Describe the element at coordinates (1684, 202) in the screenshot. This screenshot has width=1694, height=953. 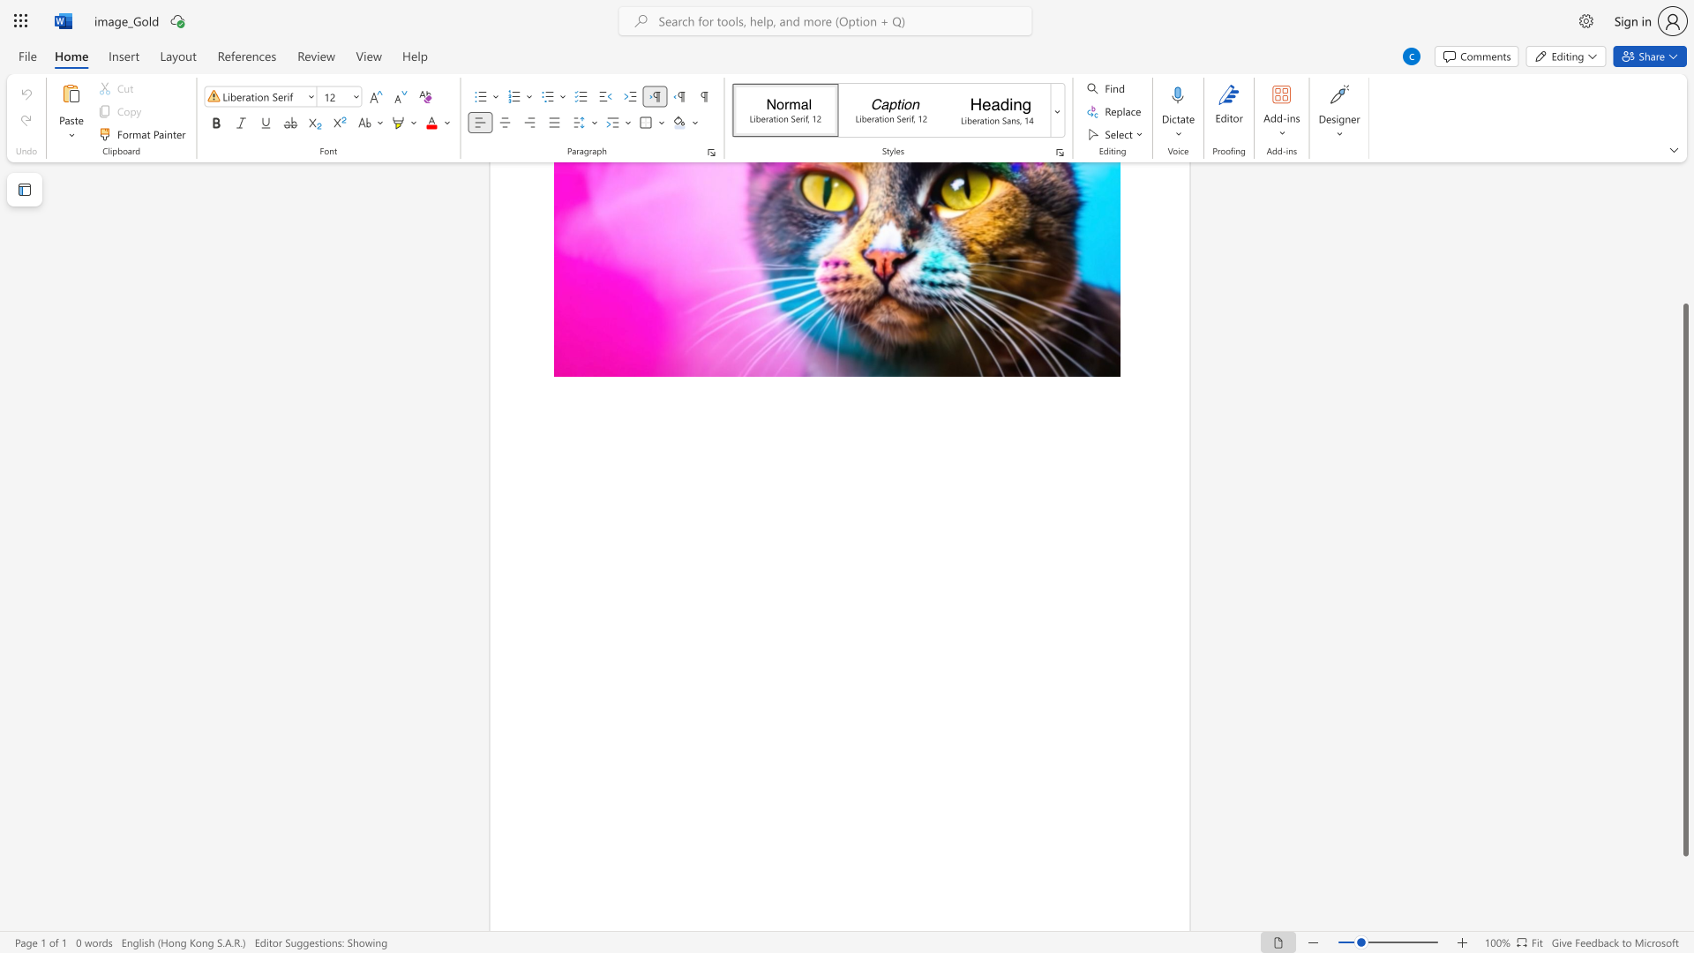
I see `the scrollbar to move the page upward` at that location.